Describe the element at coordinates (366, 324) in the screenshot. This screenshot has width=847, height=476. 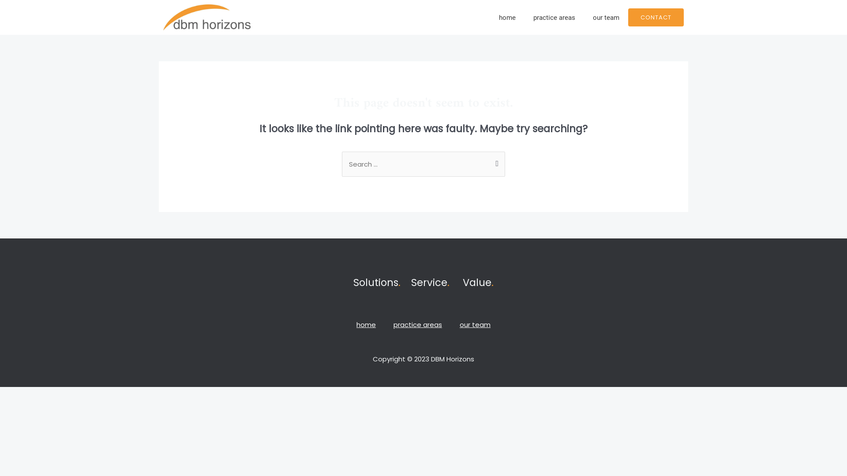
I see `'home'` at that location.